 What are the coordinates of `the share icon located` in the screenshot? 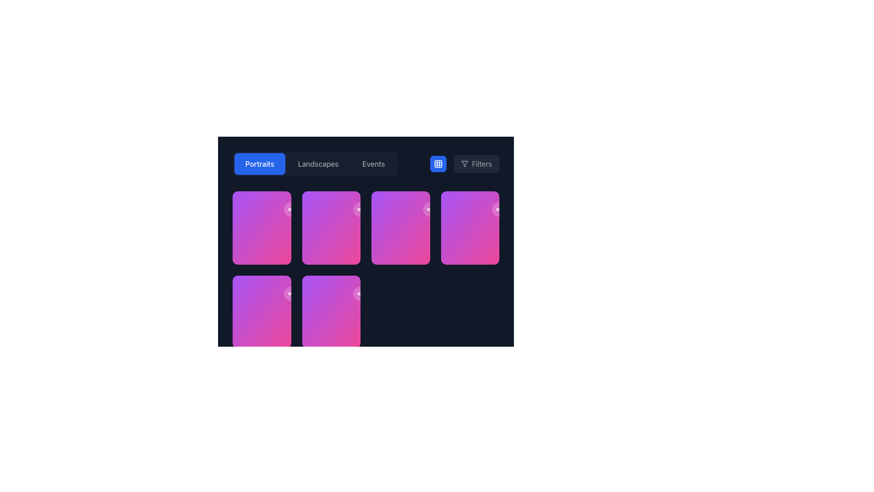 It's located at (429, 209).